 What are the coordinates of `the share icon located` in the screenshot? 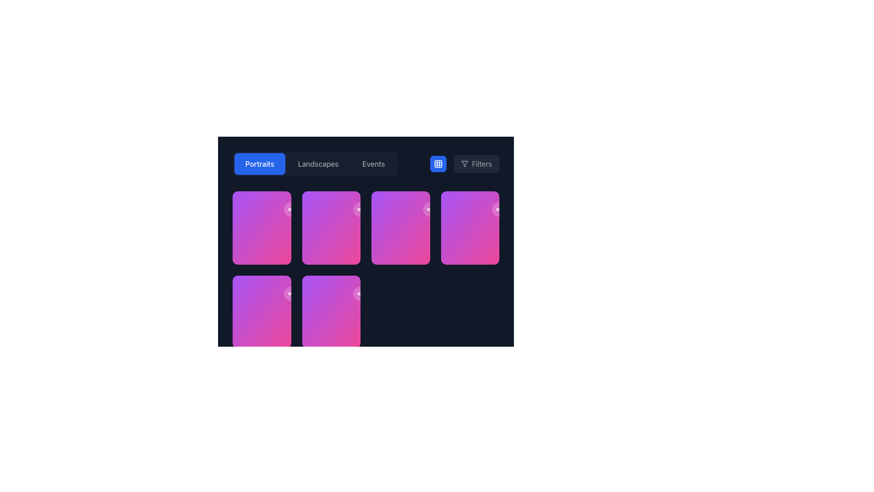 It's located at (429, 209).